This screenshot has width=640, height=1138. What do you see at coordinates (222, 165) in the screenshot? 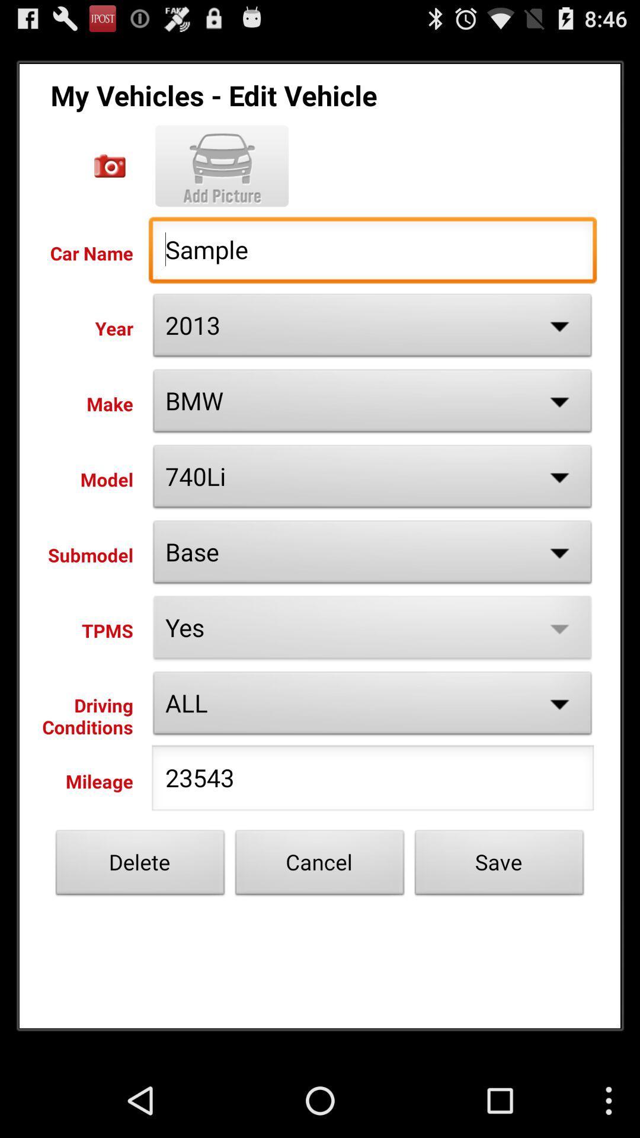
I see `picture` at bounding box center [222, 165].